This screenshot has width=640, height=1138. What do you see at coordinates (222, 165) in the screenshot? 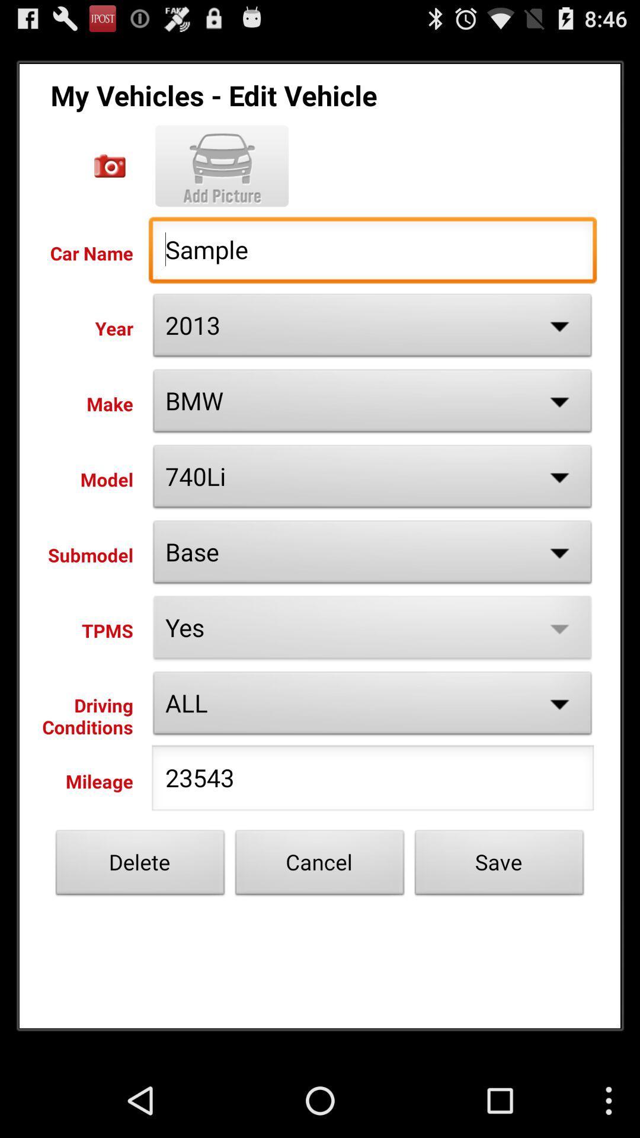
I see `picture` at bounding box center [222, 165].